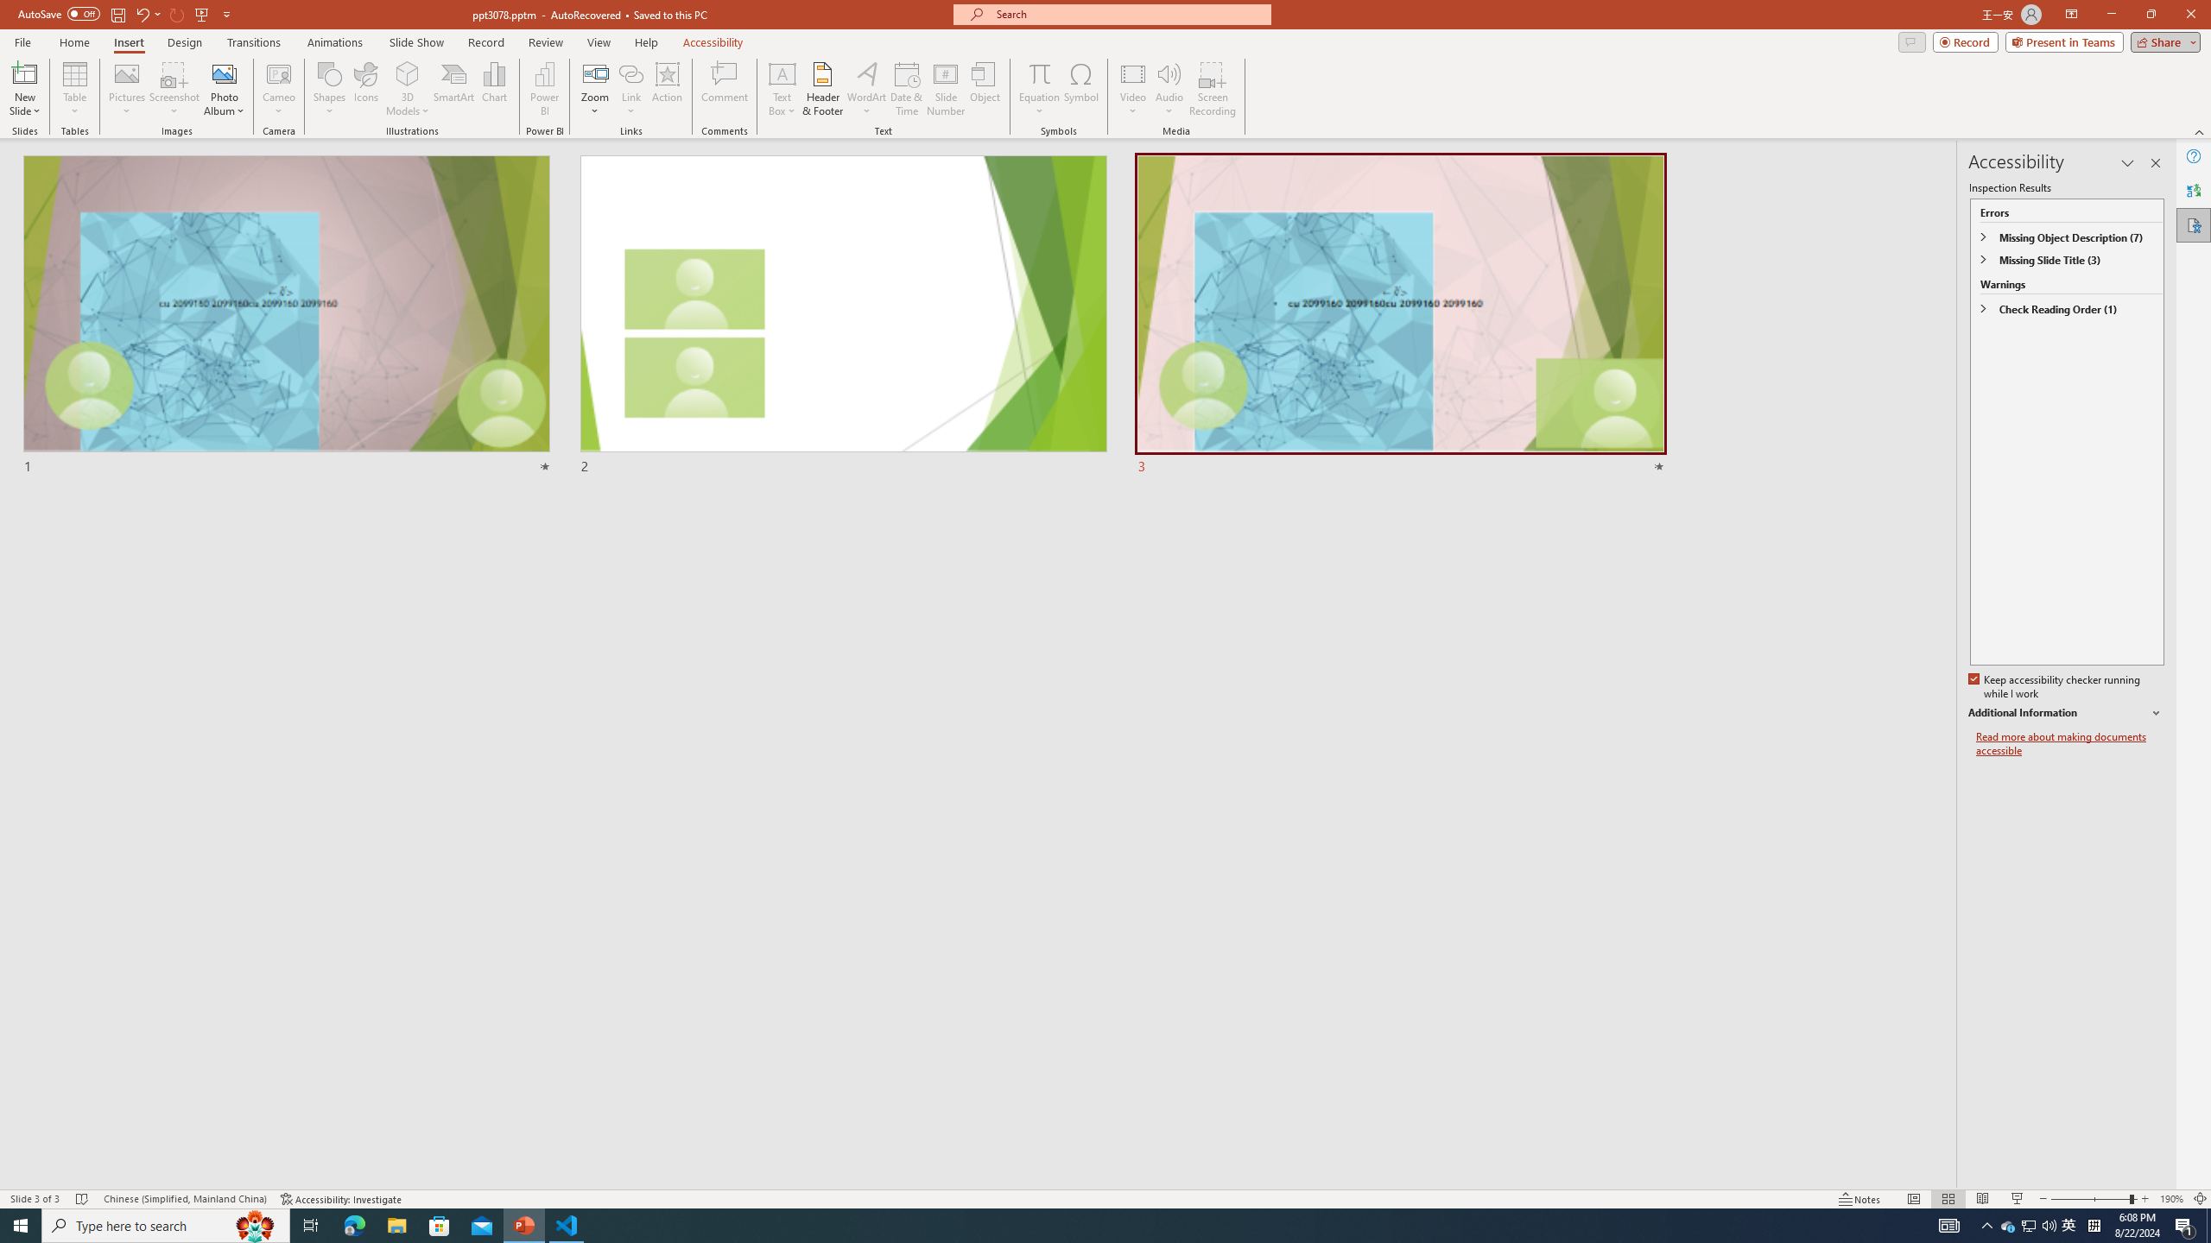 The width and height of the screenshot is (2211, 1243). I want to click on '3D Models', so click(408, 73).